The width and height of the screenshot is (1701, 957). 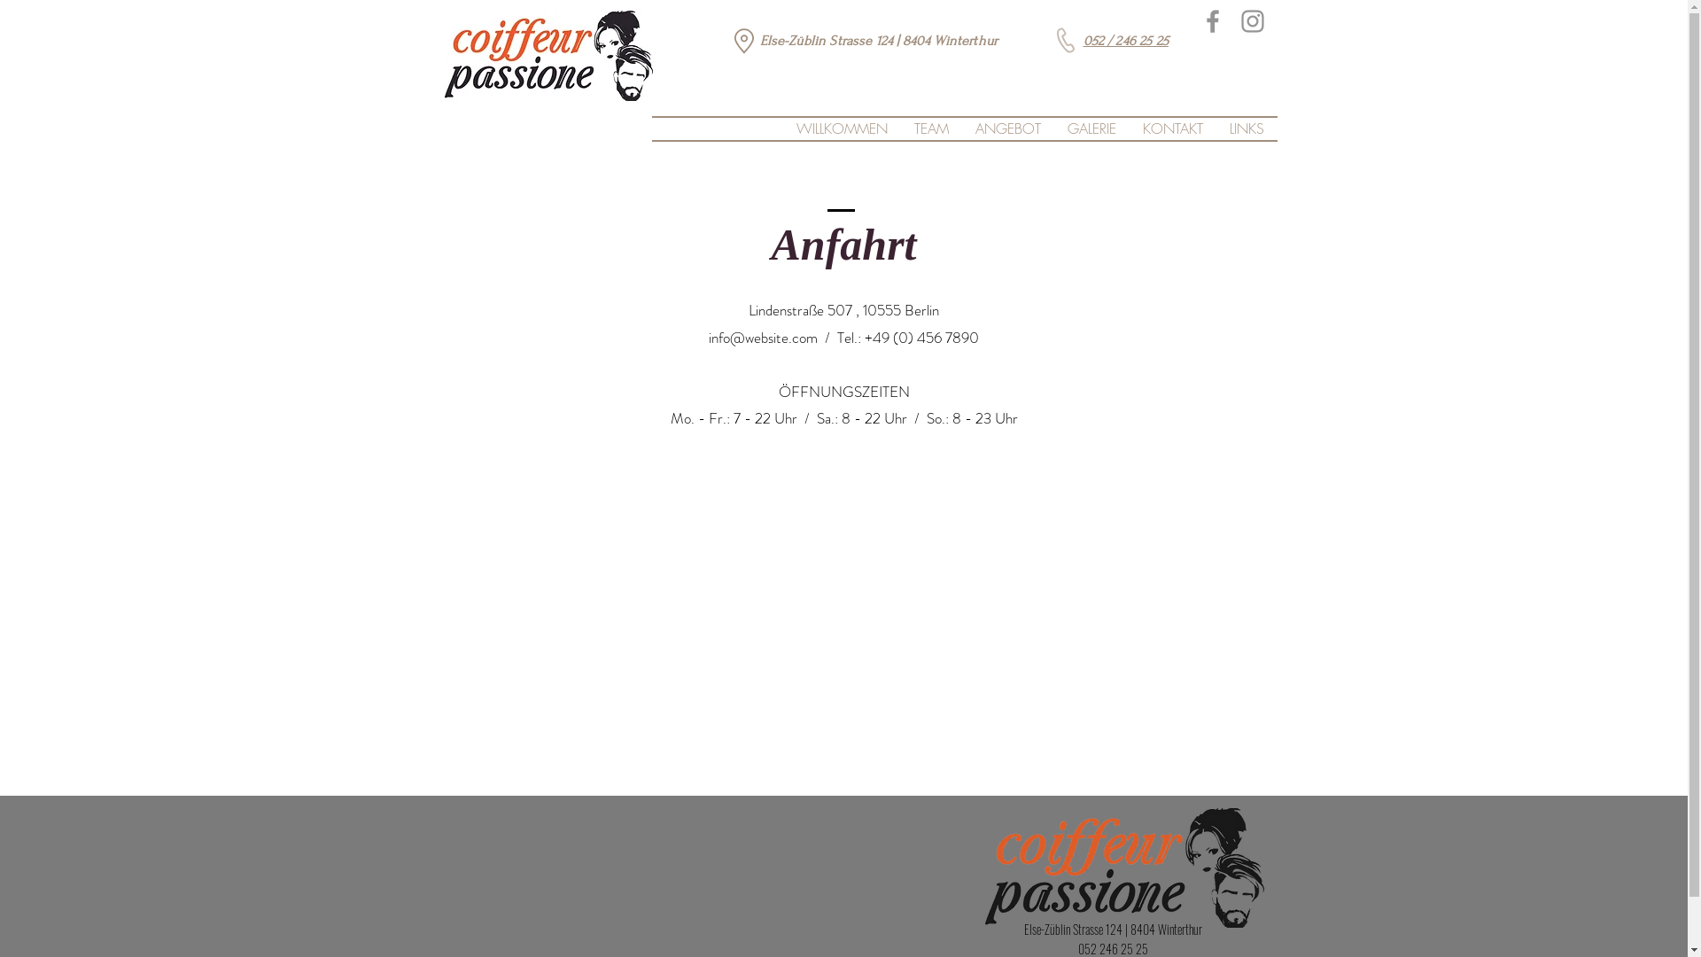 I want to click on 'KONTAKT', so click(x=1172, y=128).